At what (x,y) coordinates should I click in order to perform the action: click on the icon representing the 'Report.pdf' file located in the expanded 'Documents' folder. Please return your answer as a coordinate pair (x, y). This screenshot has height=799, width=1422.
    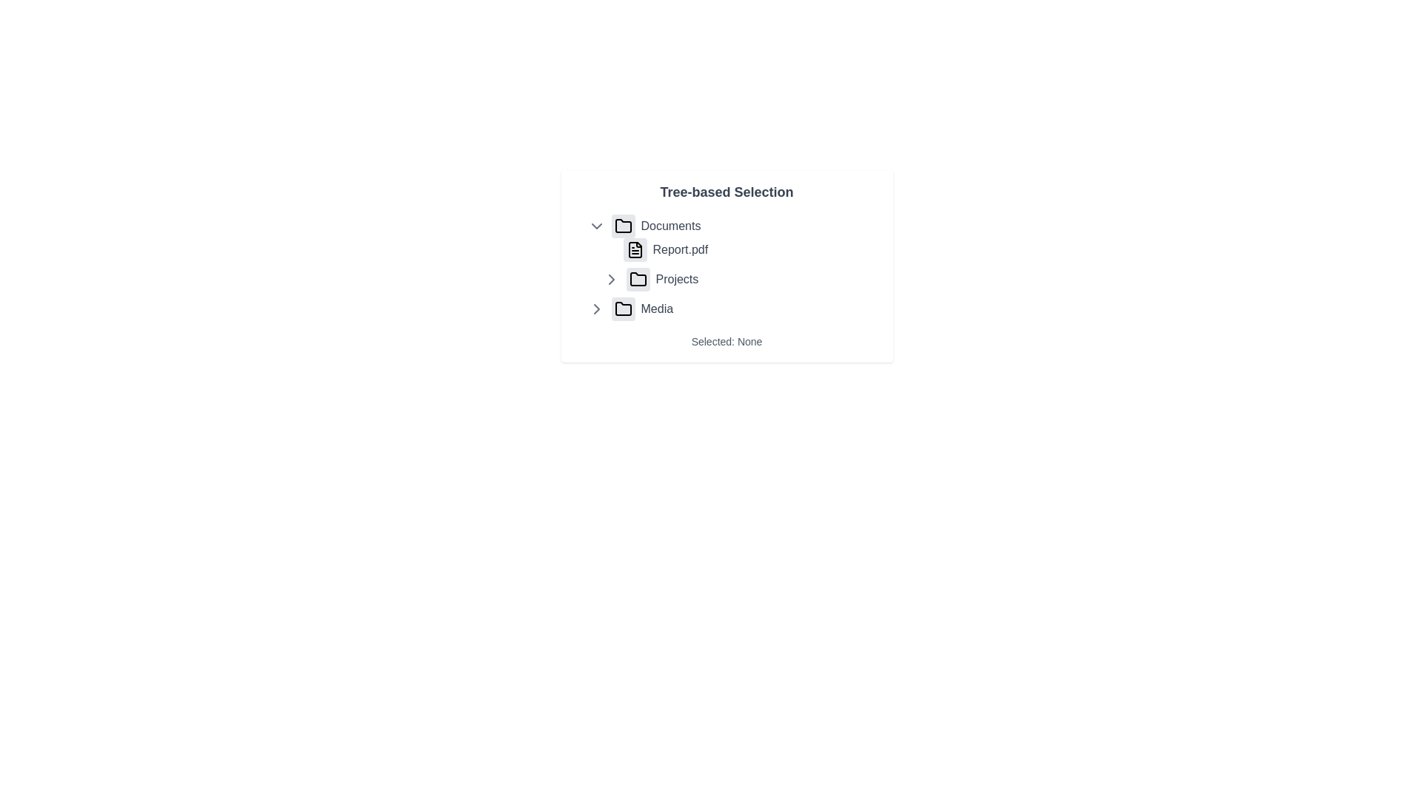
    Looking at the image, I should click on (635, 249).